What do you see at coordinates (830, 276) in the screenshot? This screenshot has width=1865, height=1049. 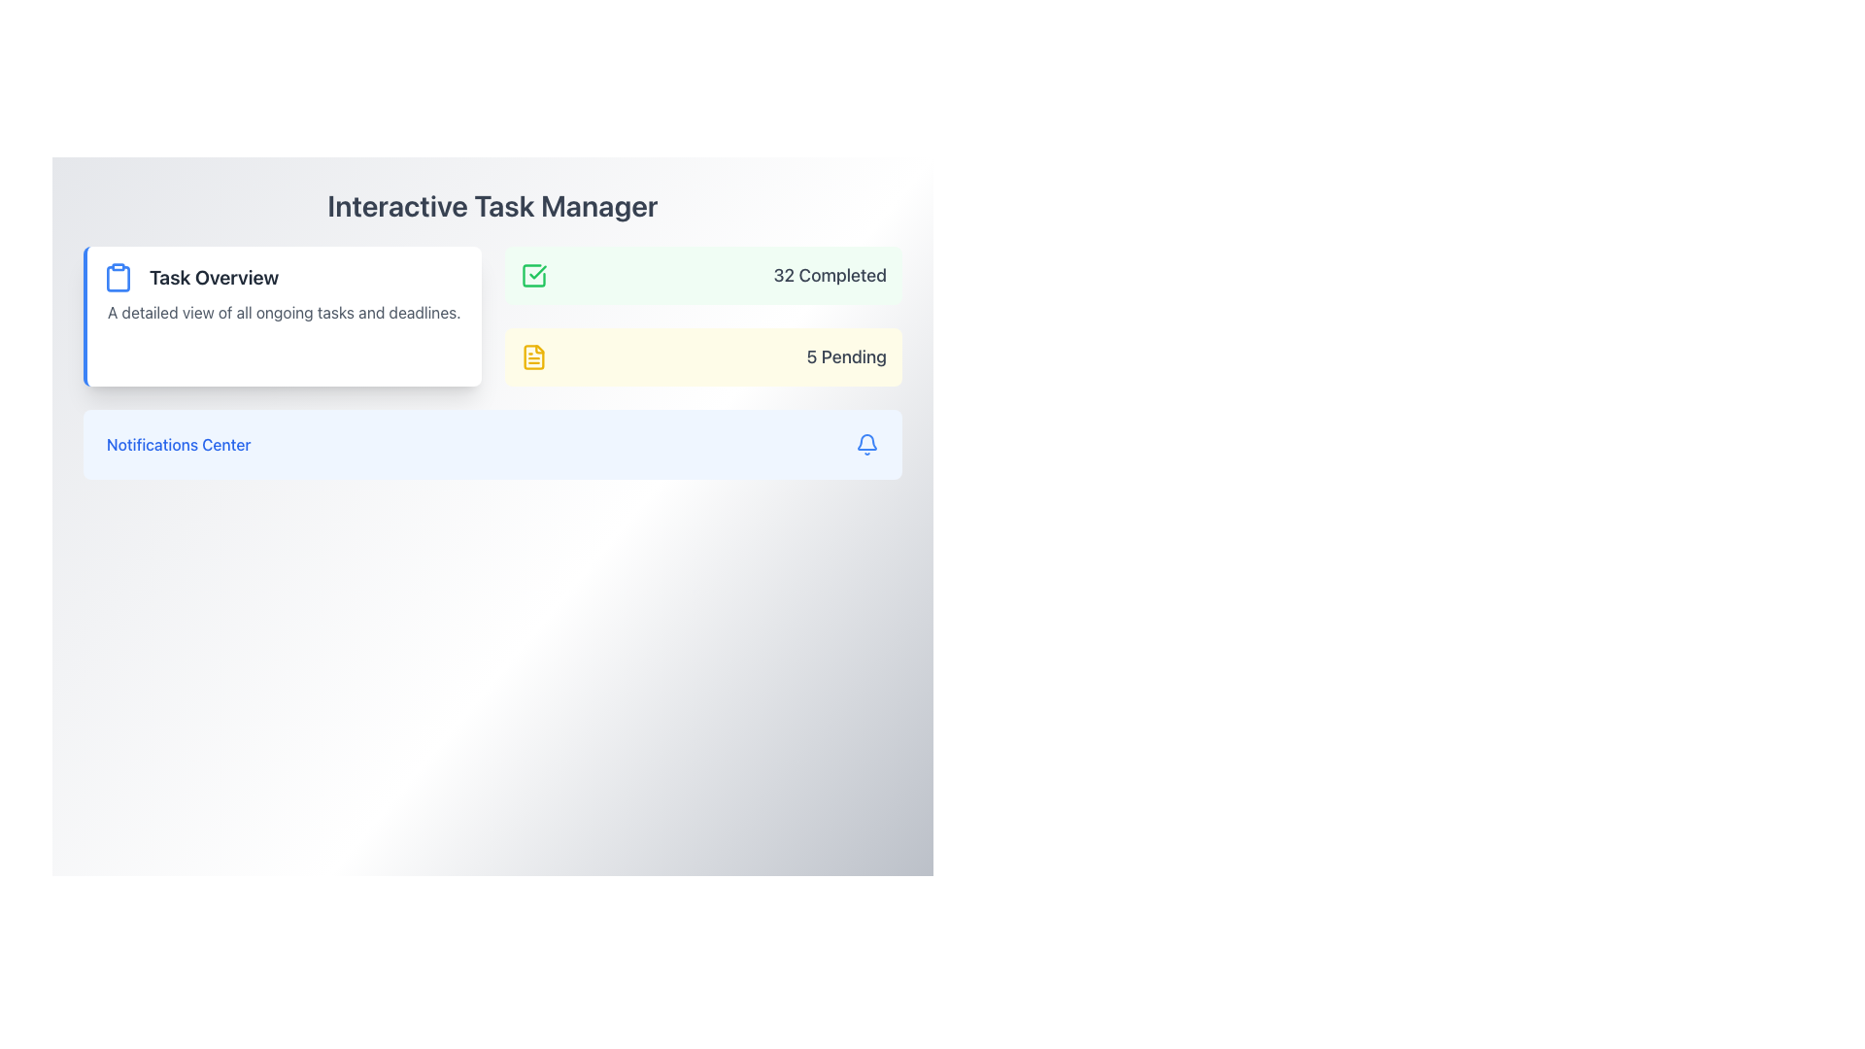 I see `the static text label displaying the number of completed tasks ('32') located in the top-right corner of the green notification panel` at bounding box center [830, 276].